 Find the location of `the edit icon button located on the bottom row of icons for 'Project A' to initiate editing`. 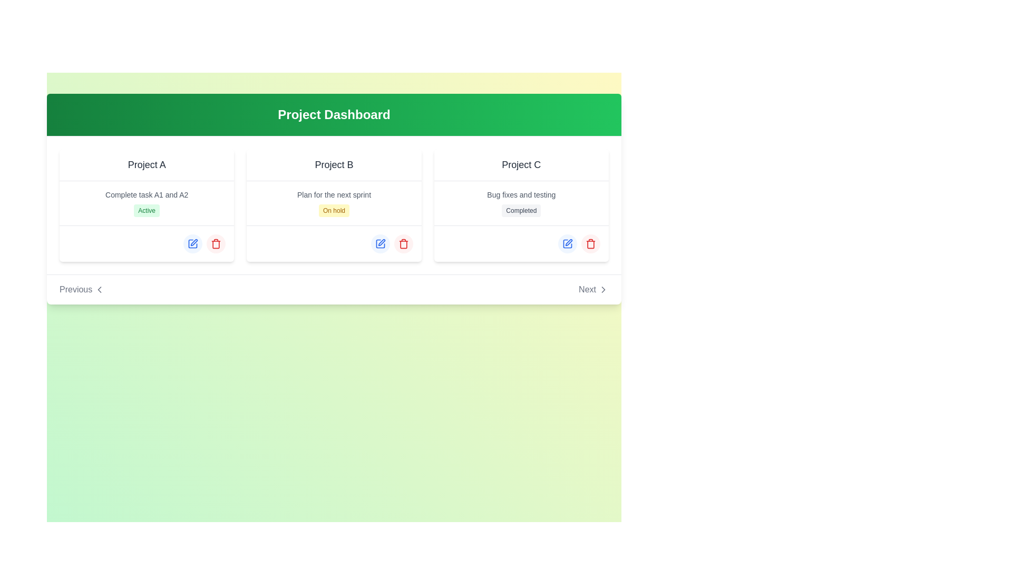

the edit icon button located on the bottom row of icons for 'Project A' to initiate editing is located at coordinates (192, 243).